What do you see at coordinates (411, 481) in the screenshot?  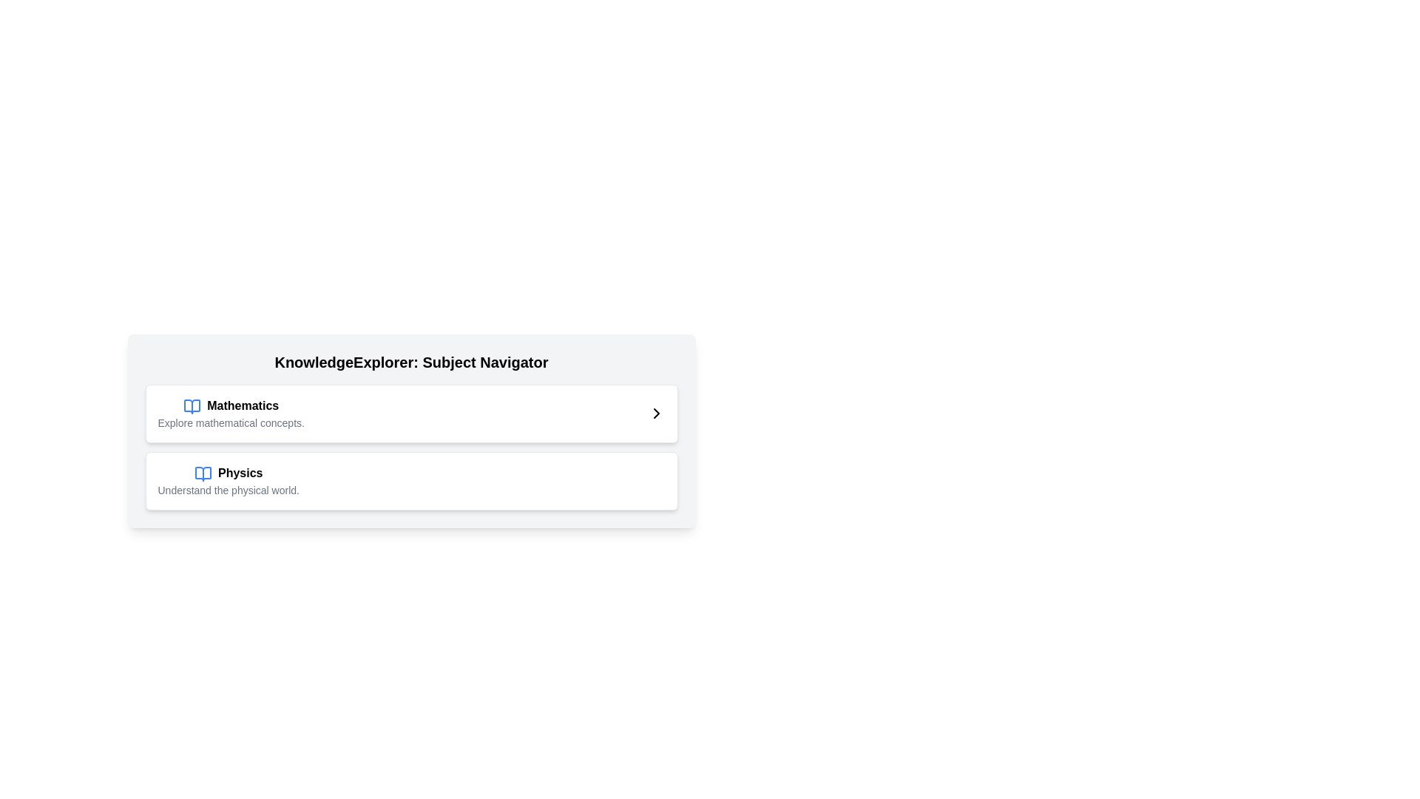 I see `the Clickable Card Item titled 'Physics' located in the second position under 'KnowledgeExplorer: Subject Navigator', which has a white background and contains a blue book icon` at bounding box center [411, 481].